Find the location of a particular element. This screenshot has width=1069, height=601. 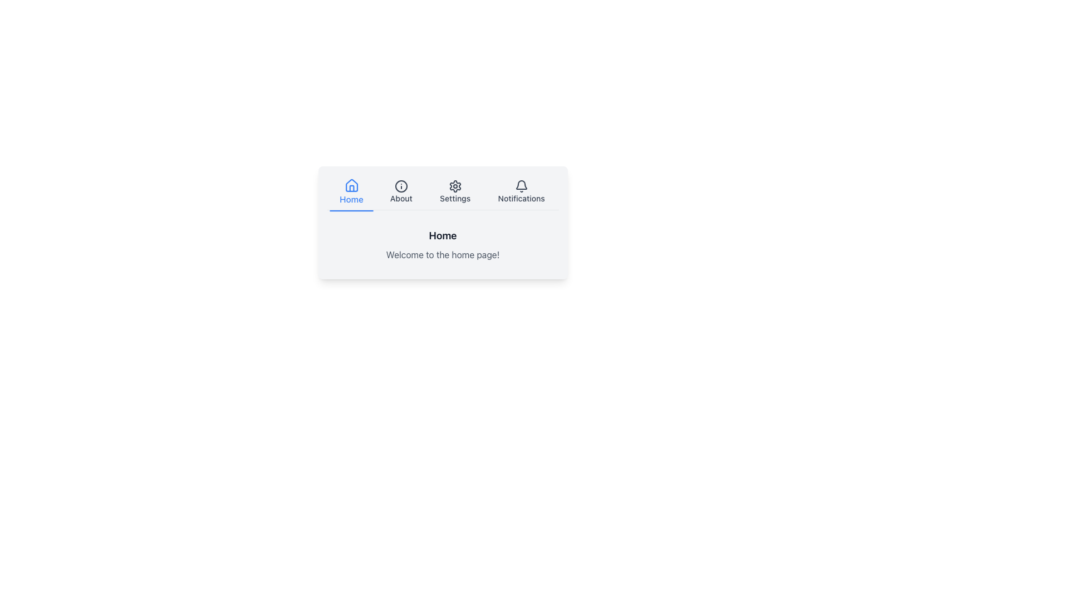

the 'Notifications' text label located in the top menu bar, which is styled in a muted gray color and positioned below a bell icon is located at coordinates (521, 198).